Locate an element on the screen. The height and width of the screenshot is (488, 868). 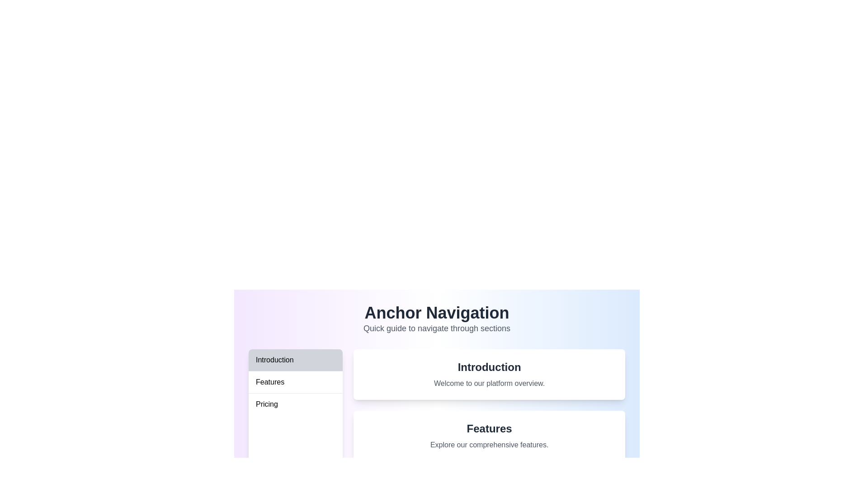
the Header element that serves as a section title or introductory header, which is centrally aligned and located at the top middle portion of the page is located at coordinates (437, 319).